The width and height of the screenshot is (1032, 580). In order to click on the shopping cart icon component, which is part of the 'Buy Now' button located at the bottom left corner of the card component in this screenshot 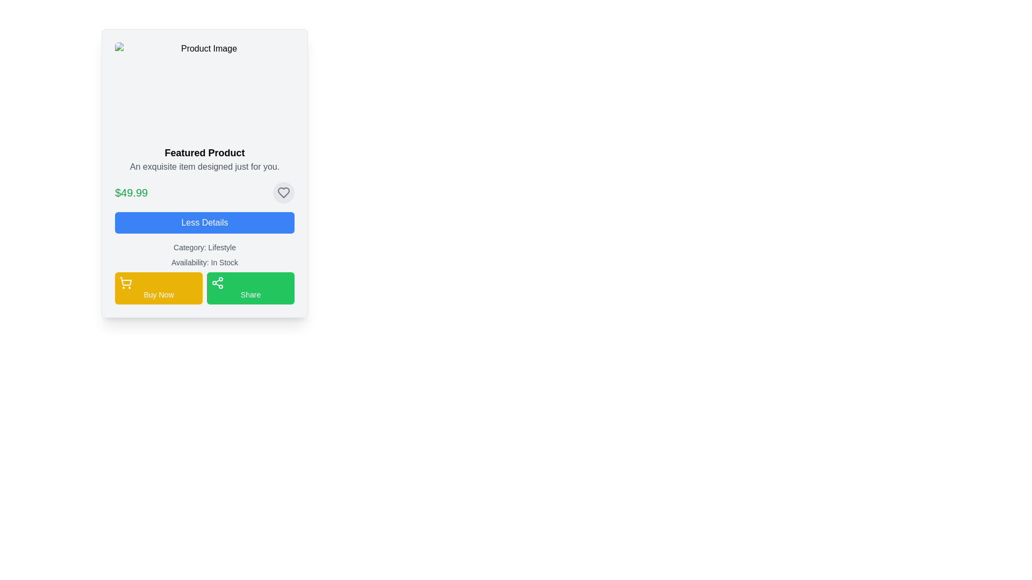, I will do `click(126, 281)`.